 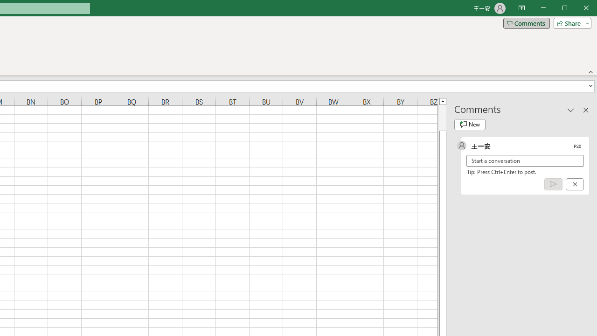 What do you see at coordinates (553, 184) in the screenshot?
I see `'Post comment (Ctrl + Enter)'` at bounding box center [553, 184].